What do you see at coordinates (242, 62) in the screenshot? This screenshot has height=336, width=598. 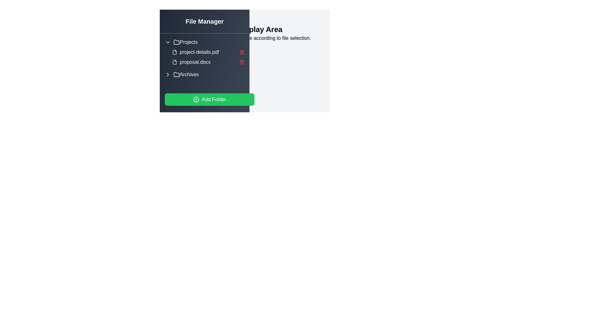 I see `the red-colored trash icon located to the far right of the 'proposal.docx' file entry in the 'File Manager' sidebar` at bounding box center [242, 62].